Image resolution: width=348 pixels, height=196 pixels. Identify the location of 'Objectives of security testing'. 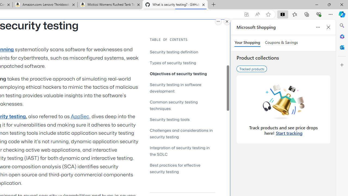
(178, 73).